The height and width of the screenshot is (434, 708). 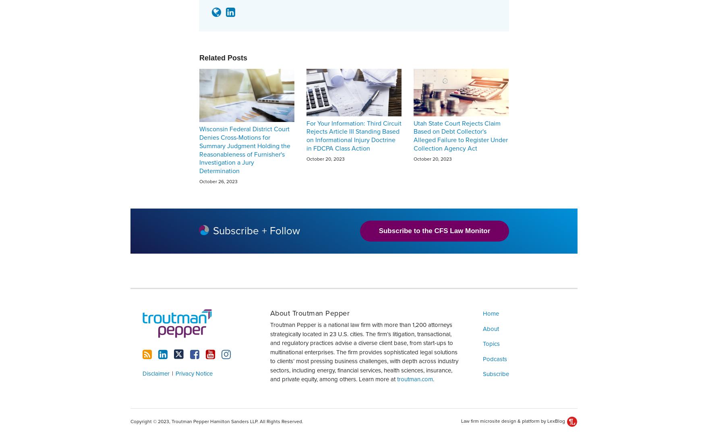 I want to click on 'Law firm microsite design & platform by LexBlog', so click(x=513, y=421).